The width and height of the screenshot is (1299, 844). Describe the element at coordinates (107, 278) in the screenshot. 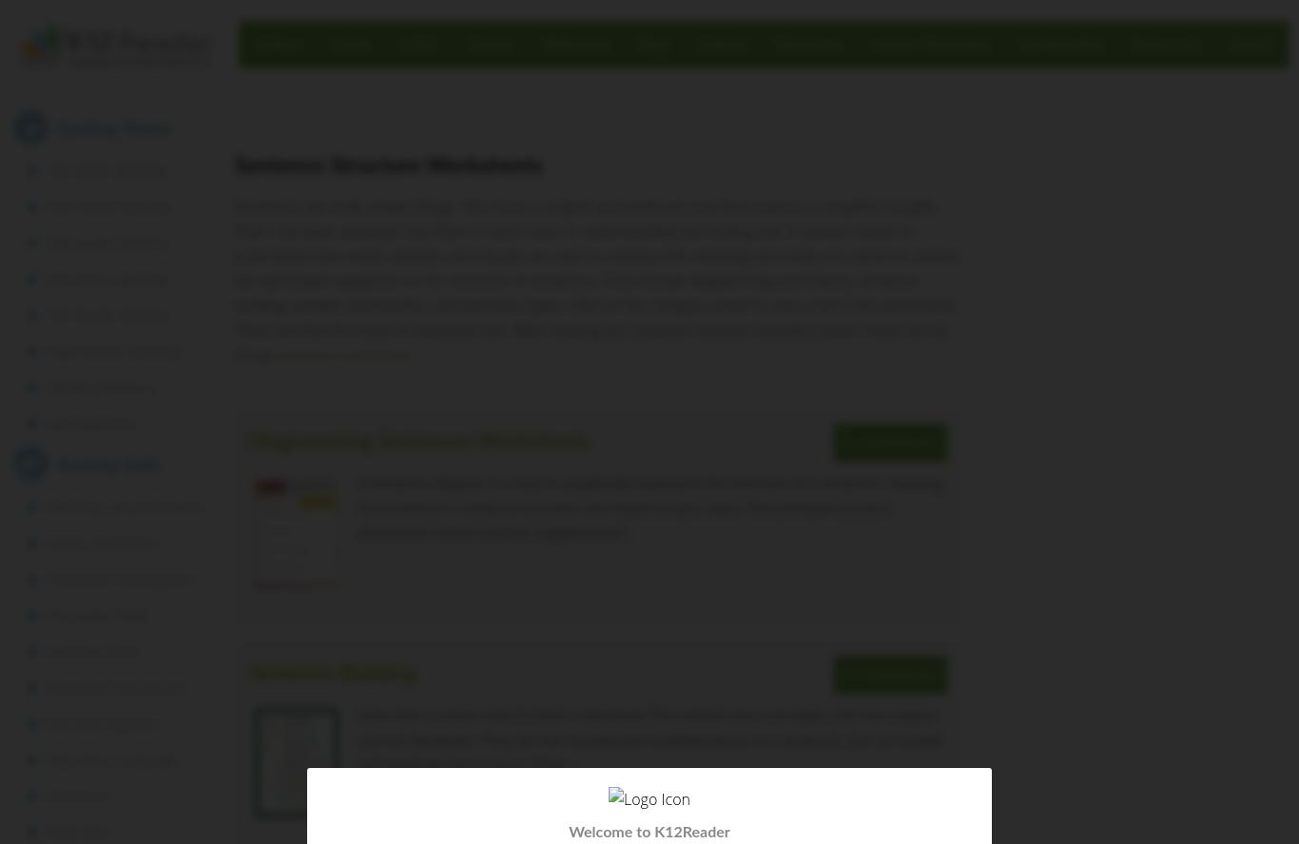

I see `'4th Grade Spelling'` at that location.